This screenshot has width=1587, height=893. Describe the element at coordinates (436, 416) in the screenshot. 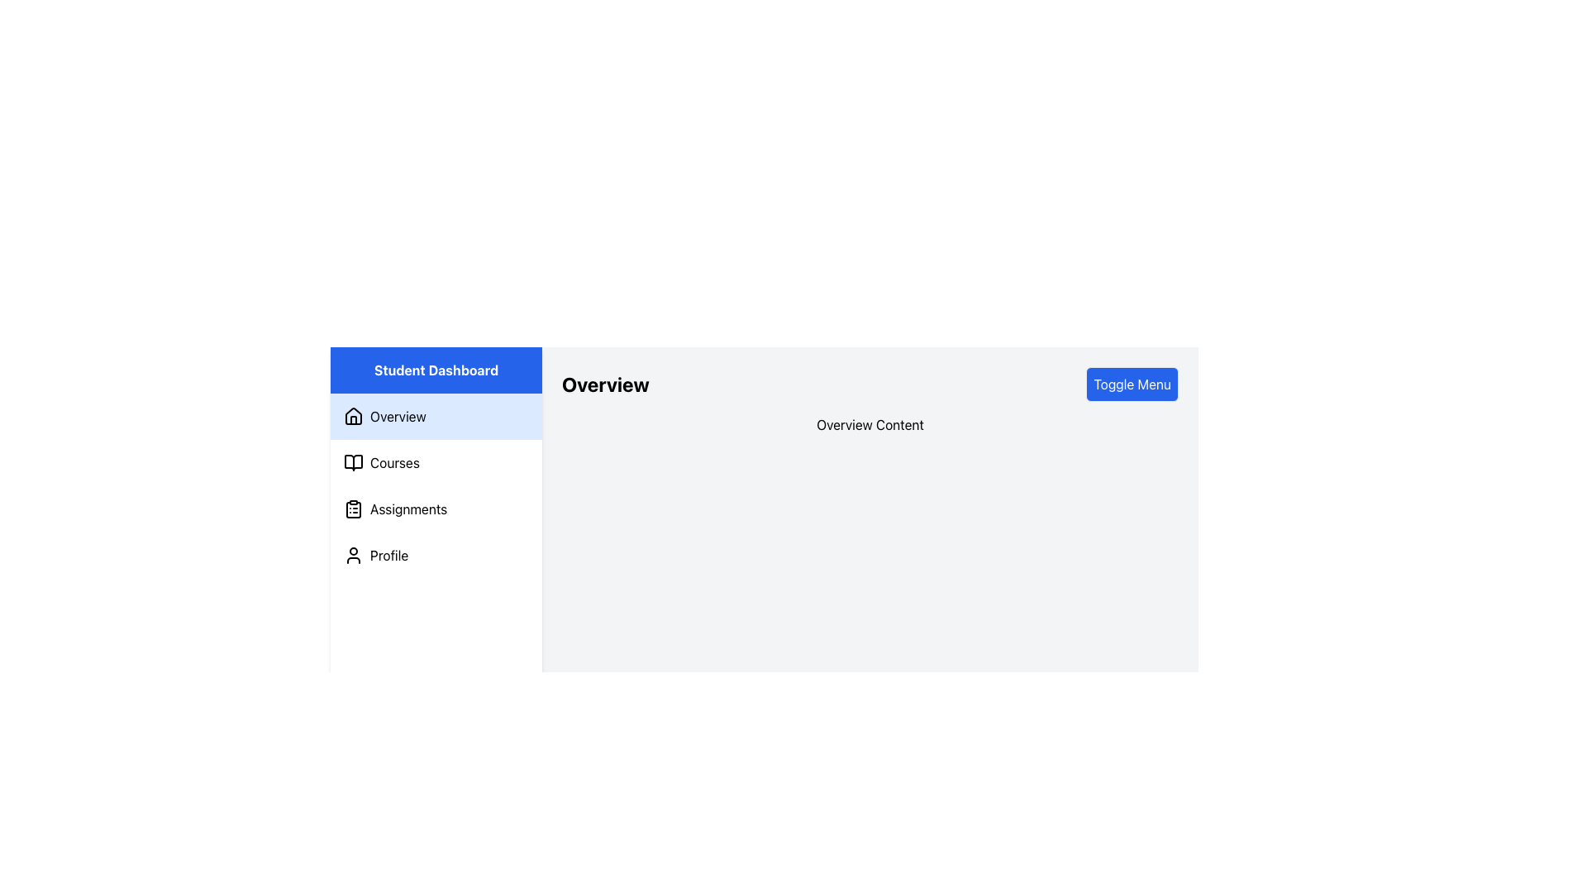

I see `the 'Overview' selectable menu item located in the vertical navigation sidebar under the 'Student Dashboard' section` at that location.